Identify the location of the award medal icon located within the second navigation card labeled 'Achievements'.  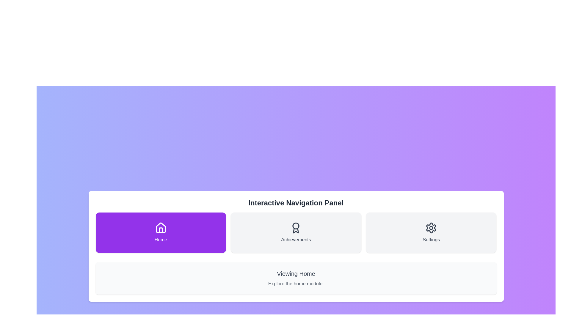
(296, 228).